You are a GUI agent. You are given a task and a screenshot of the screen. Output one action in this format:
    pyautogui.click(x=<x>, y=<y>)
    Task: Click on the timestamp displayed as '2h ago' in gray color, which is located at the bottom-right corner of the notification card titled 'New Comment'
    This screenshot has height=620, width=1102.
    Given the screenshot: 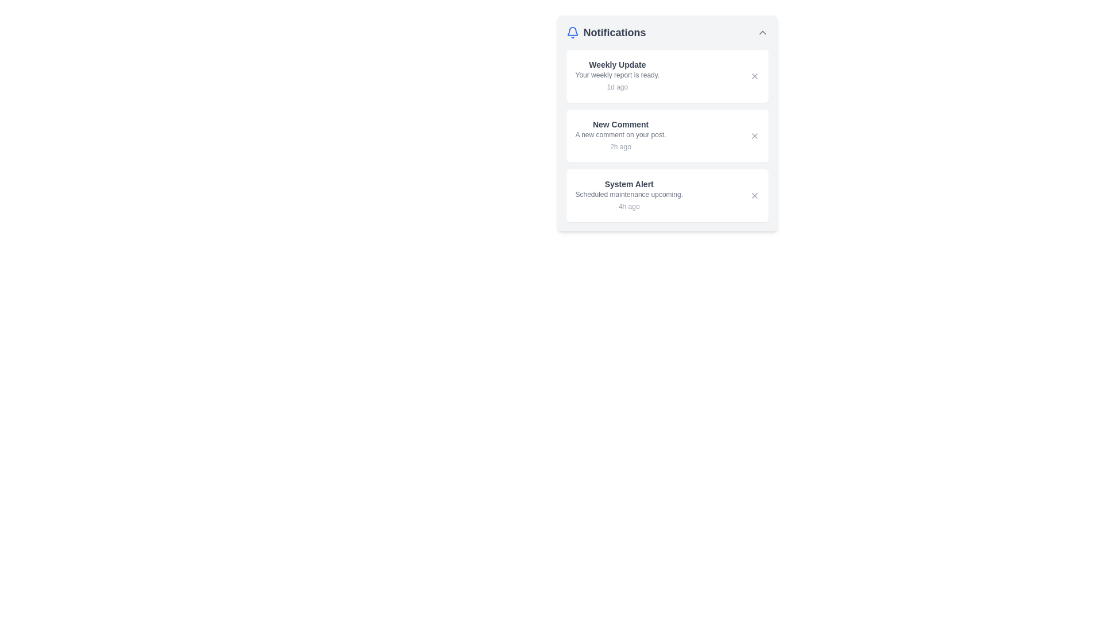 What is the action you would take?
    pyautogui.click(x=620, y=146)
    